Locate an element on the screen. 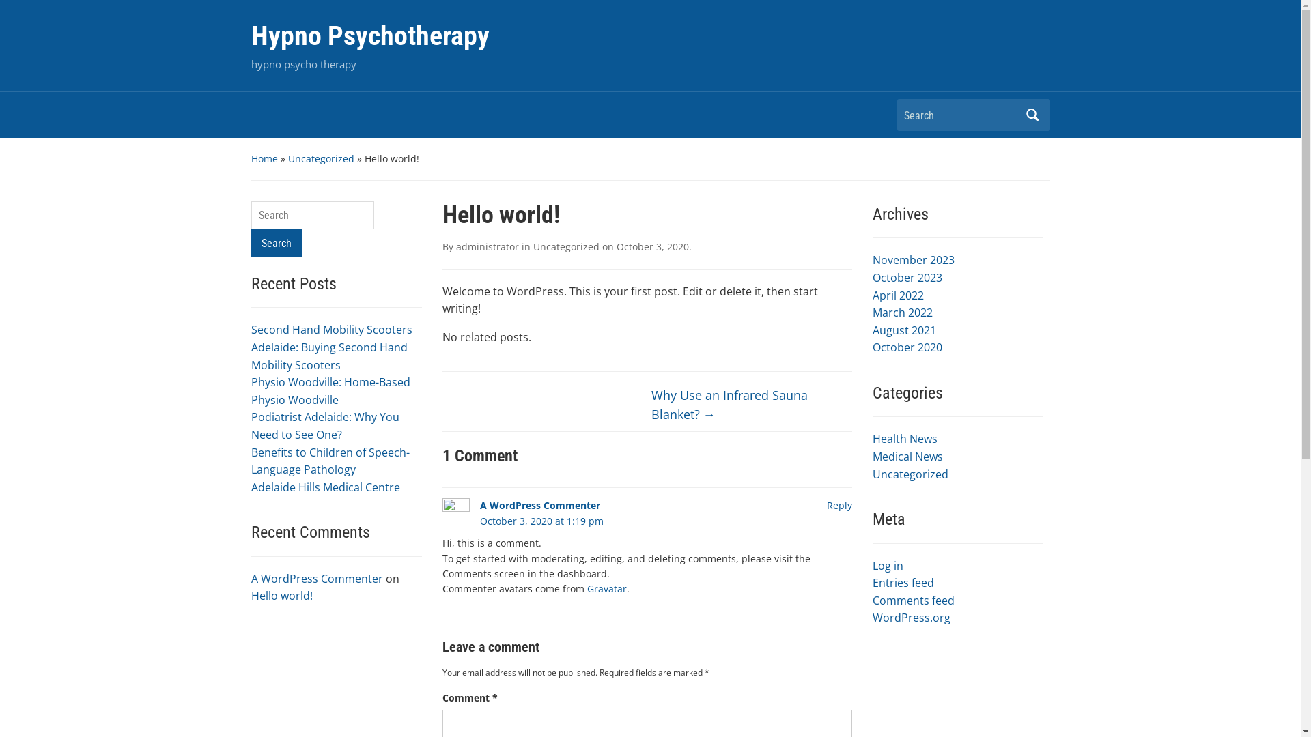 Image resolution: width=1311 pixels, height=737 pixels. 'November 2023' is located at coordinates (914, 260).